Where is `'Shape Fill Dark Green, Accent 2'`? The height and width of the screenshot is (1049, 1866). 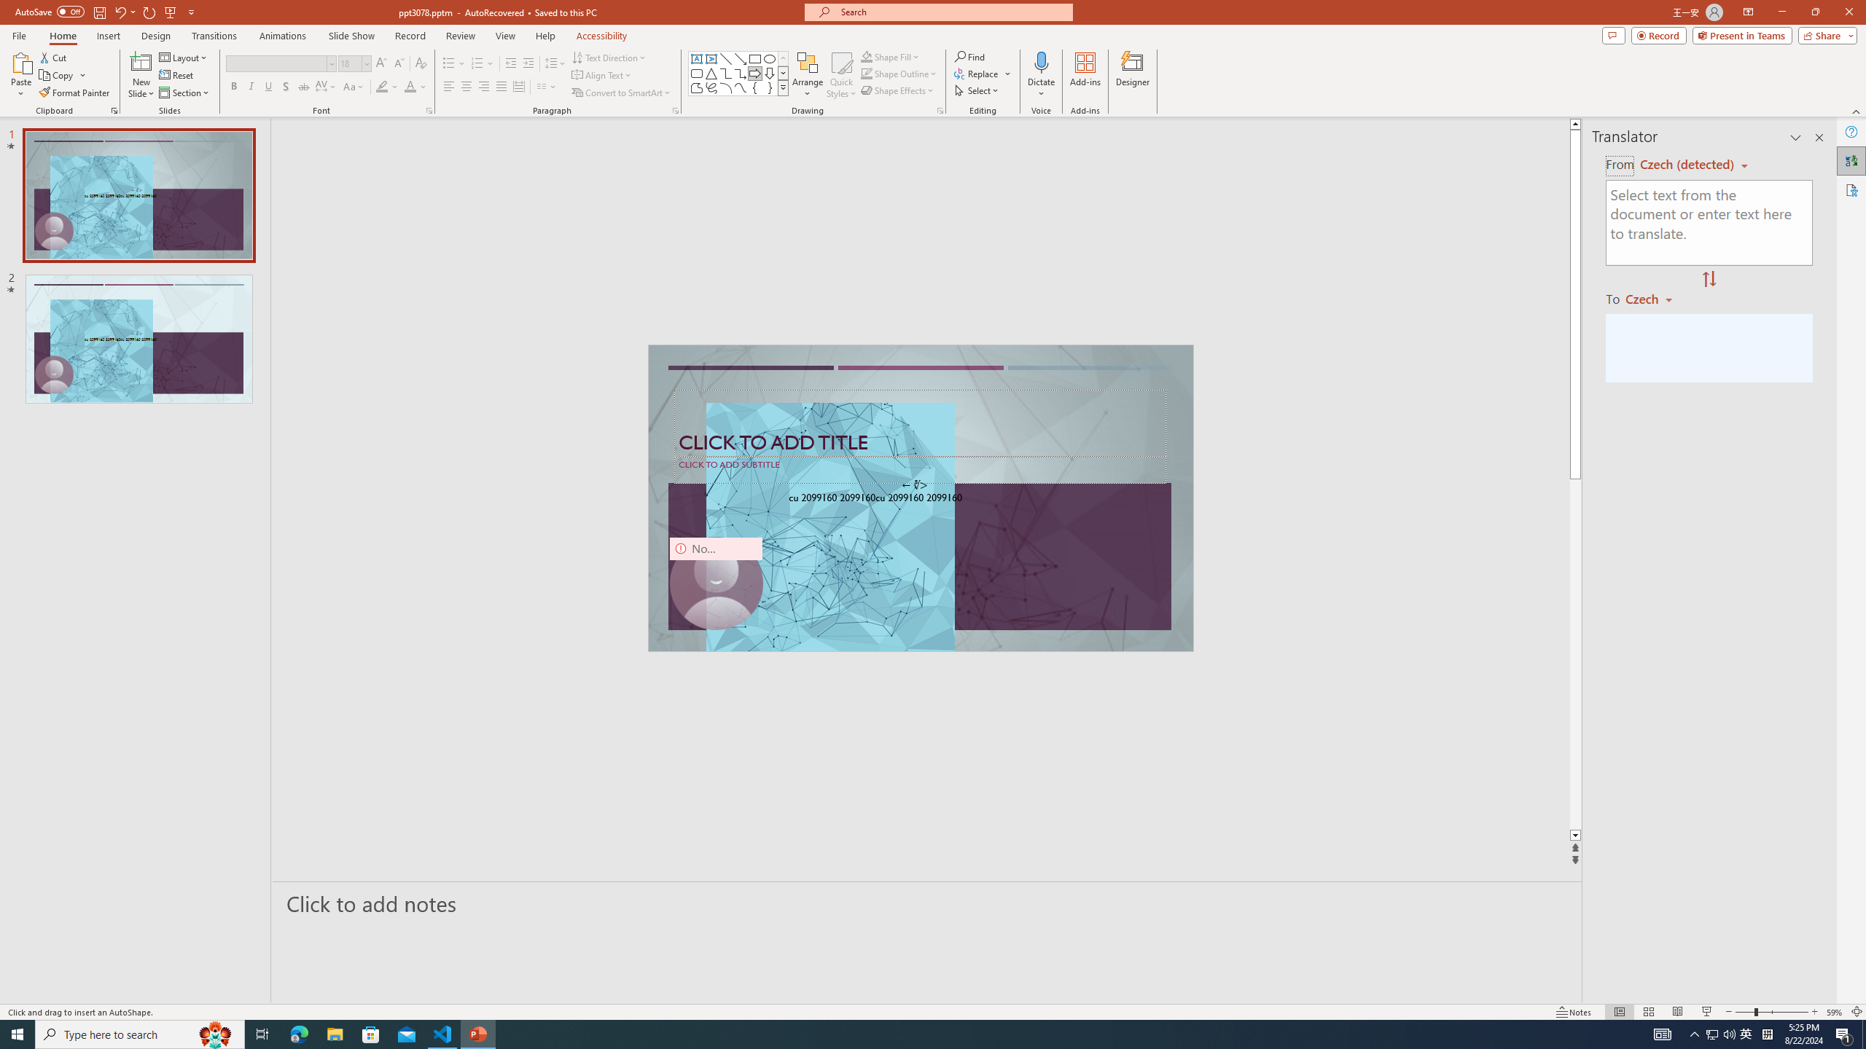
'Shape Fill Dark Green, Accent 2' is located at coordinates (867, 56).